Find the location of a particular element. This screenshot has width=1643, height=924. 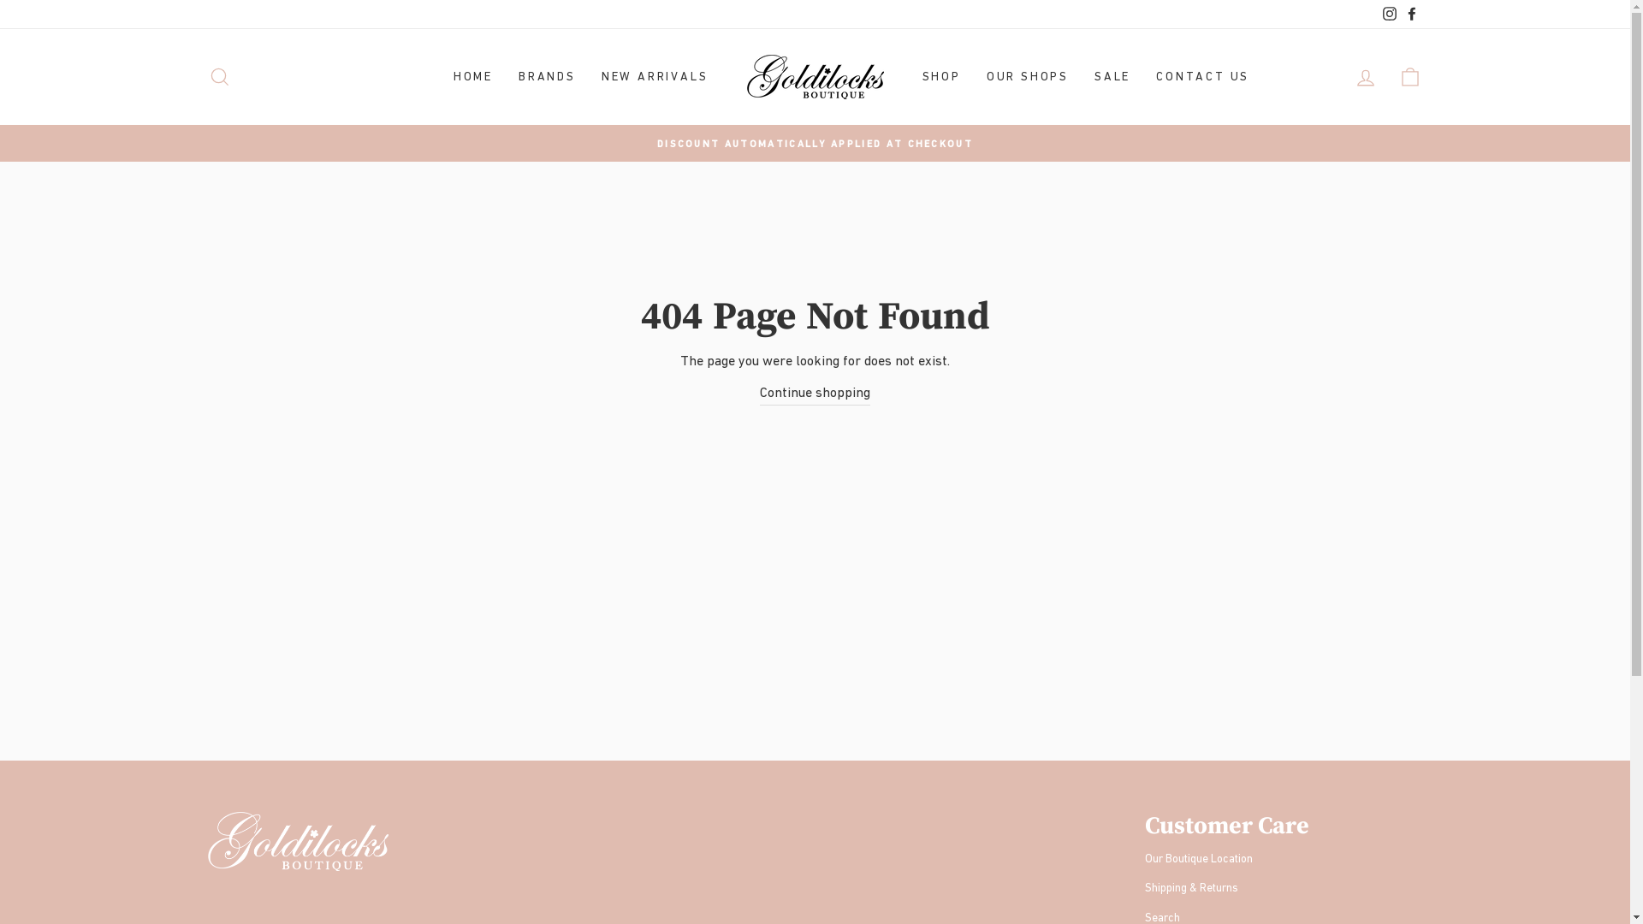

'LOG IN' is located at coordinates (1365, 77).